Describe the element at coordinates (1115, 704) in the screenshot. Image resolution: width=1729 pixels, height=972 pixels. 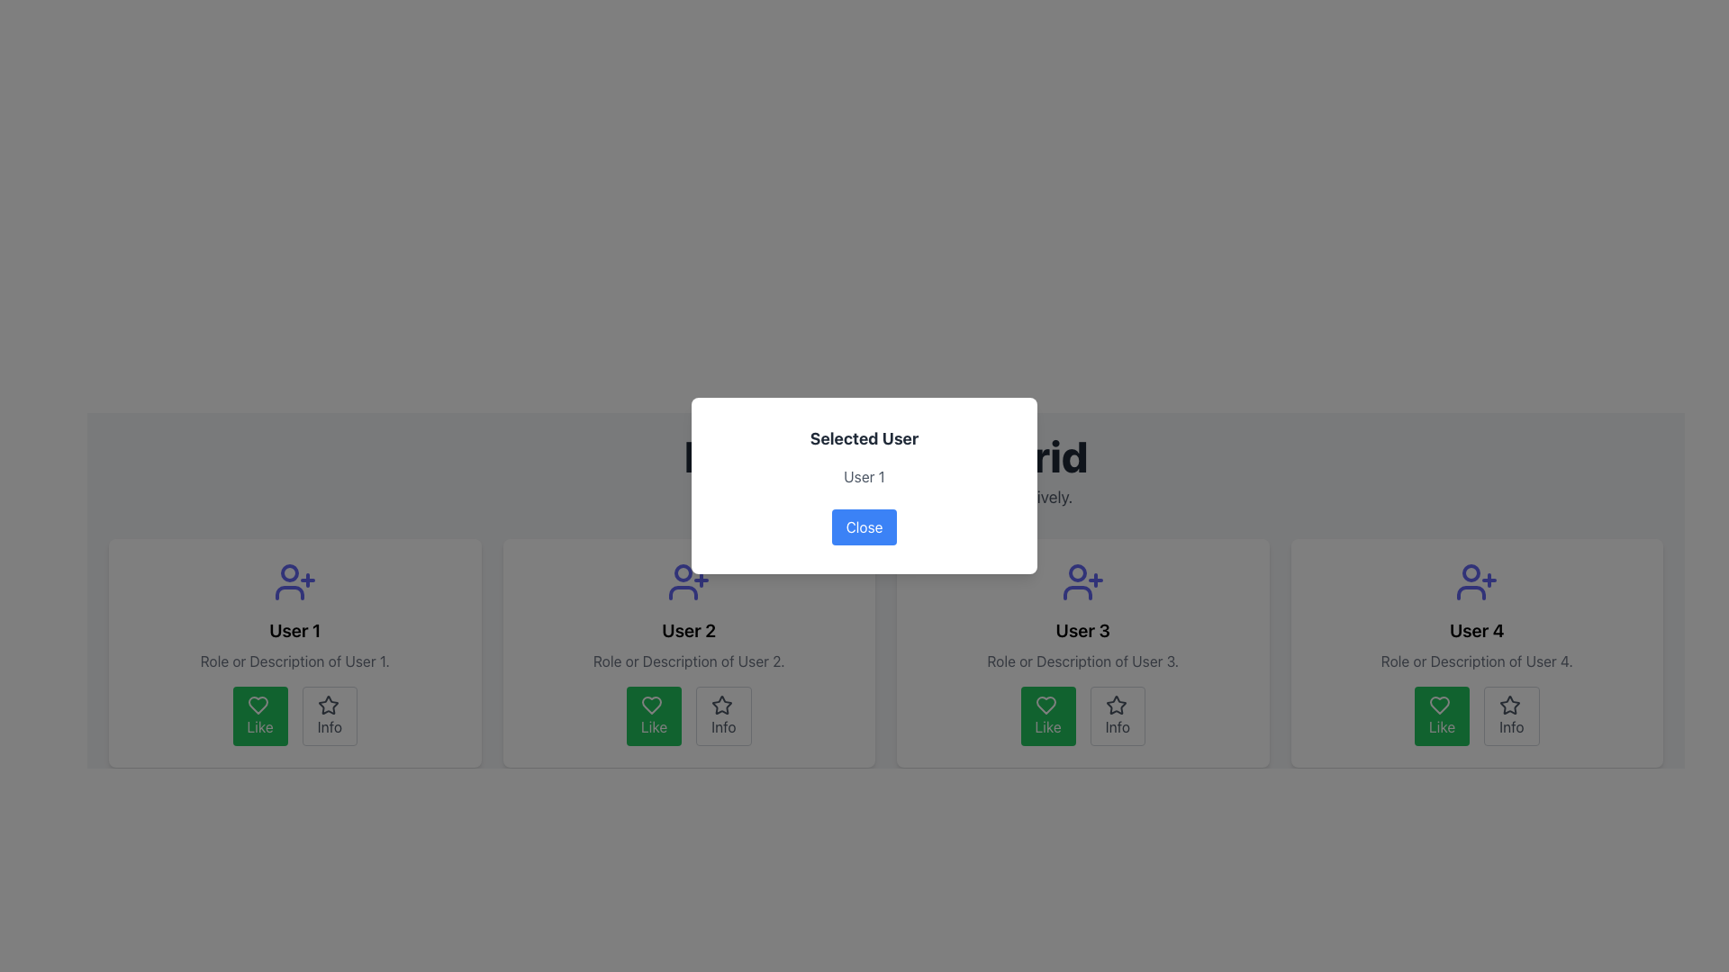
I see `the star-shaped icon with a hollow center located within the 'Info' button below the card for 'User 3' to interact with it` at that location.